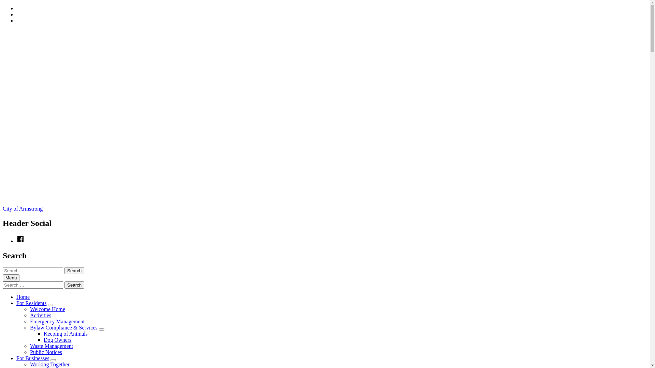  What do you see at coordinates (16, 11) in the screenshot?
I see `'Skip to main content'` at bounding box center [16, 11].